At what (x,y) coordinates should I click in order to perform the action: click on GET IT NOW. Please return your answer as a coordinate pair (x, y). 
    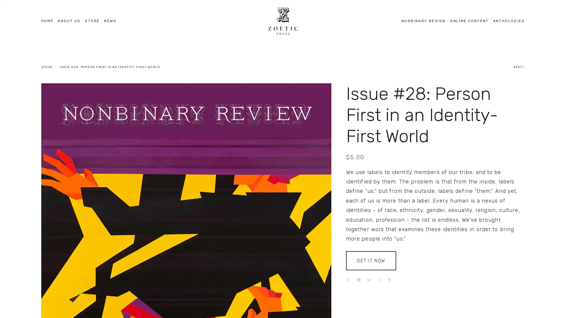
    Looking at the image, I should click on (371, 260).